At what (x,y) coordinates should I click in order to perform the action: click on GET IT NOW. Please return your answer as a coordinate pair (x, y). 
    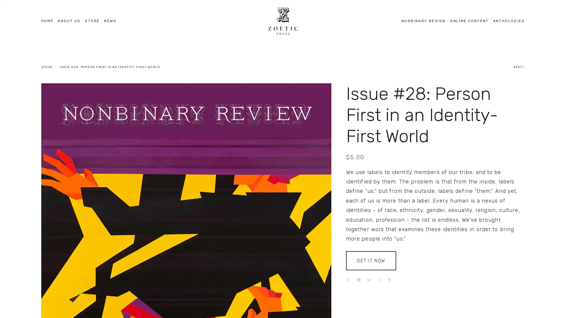
    Looking at the image, I should click on (371, 260).